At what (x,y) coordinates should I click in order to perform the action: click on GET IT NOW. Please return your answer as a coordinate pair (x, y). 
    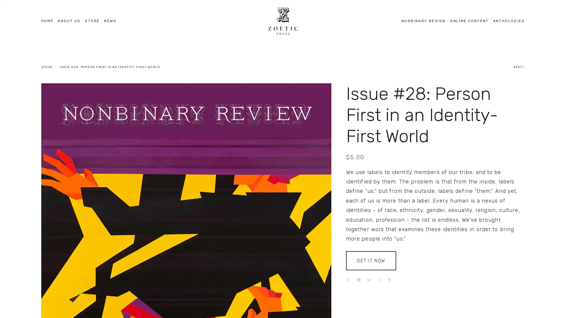
    Looking at the image, I should click on (371, 260).